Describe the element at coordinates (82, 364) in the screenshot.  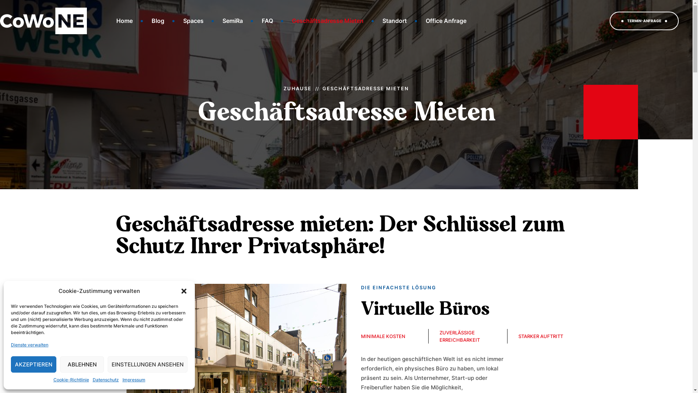
I see `'ABLEHNEN'` at that location.